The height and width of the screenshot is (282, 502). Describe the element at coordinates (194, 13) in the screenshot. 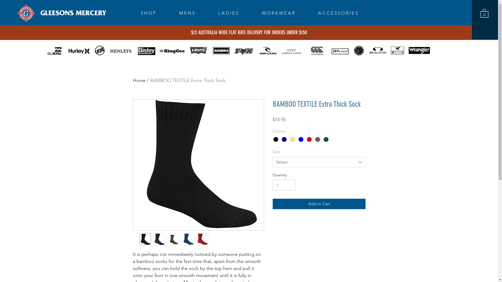

I see `'M E N S'` at that location.